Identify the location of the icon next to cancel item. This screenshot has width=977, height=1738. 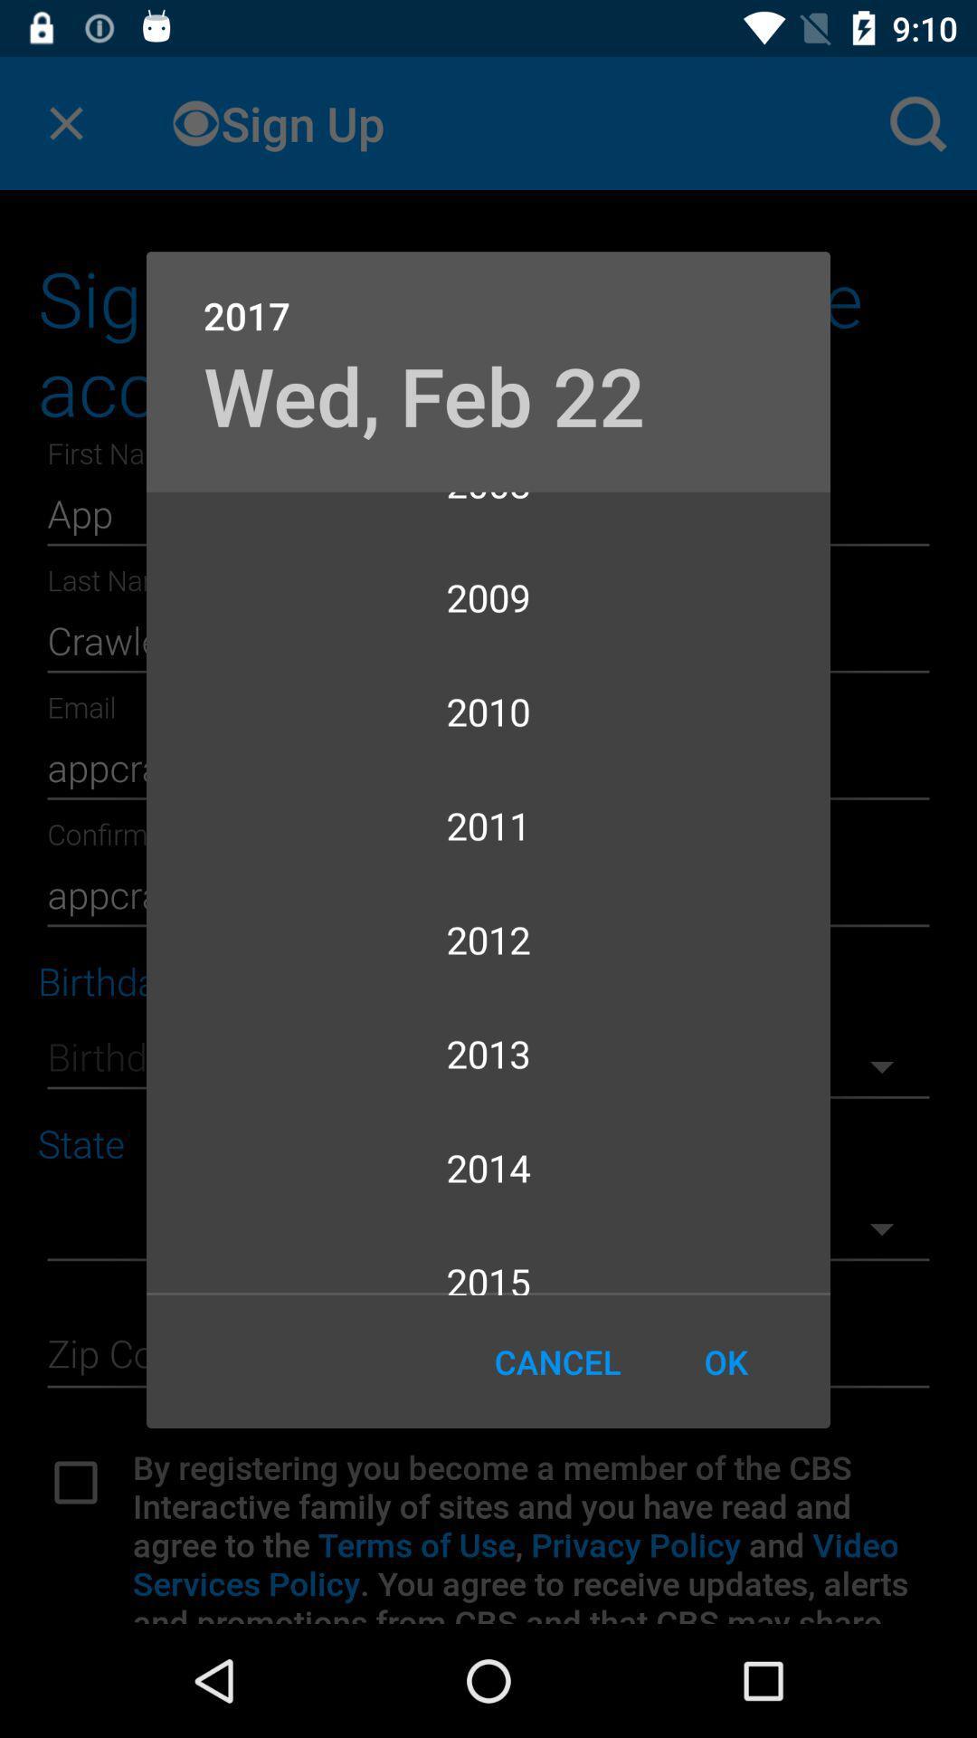
(725, 1361).